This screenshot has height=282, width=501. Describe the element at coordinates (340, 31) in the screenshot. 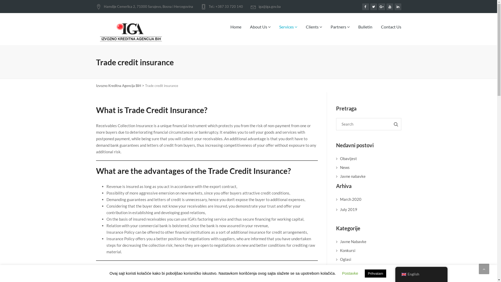

I see `'Partners'` at that location.